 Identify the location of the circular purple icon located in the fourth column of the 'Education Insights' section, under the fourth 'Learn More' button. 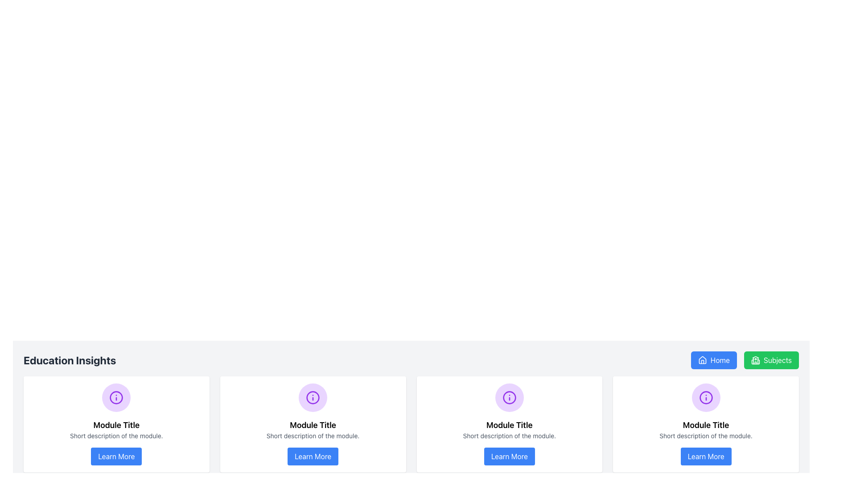
(705, 412).